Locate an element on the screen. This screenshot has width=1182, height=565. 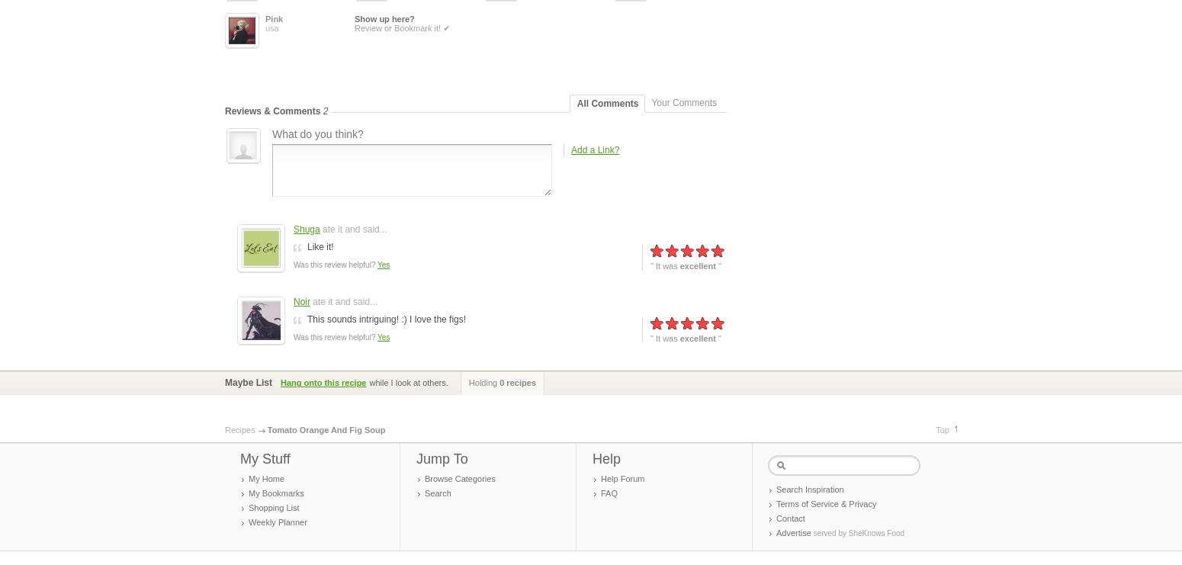
'Help' is located at coordinates (605, 458).